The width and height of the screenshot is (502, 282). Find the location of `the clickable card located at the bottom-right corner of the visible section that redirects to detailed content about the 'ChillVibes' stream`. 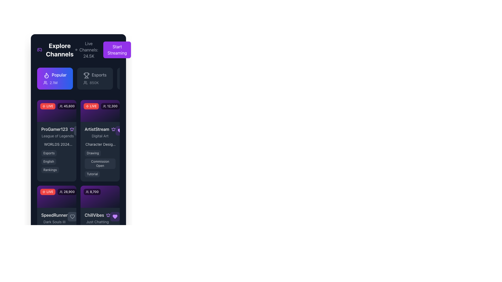

the clickable card located at the bottom-right corner of the visible section that redirects to detailed content about the 'ChillVibes' stream is located at coordinates (100, 224).